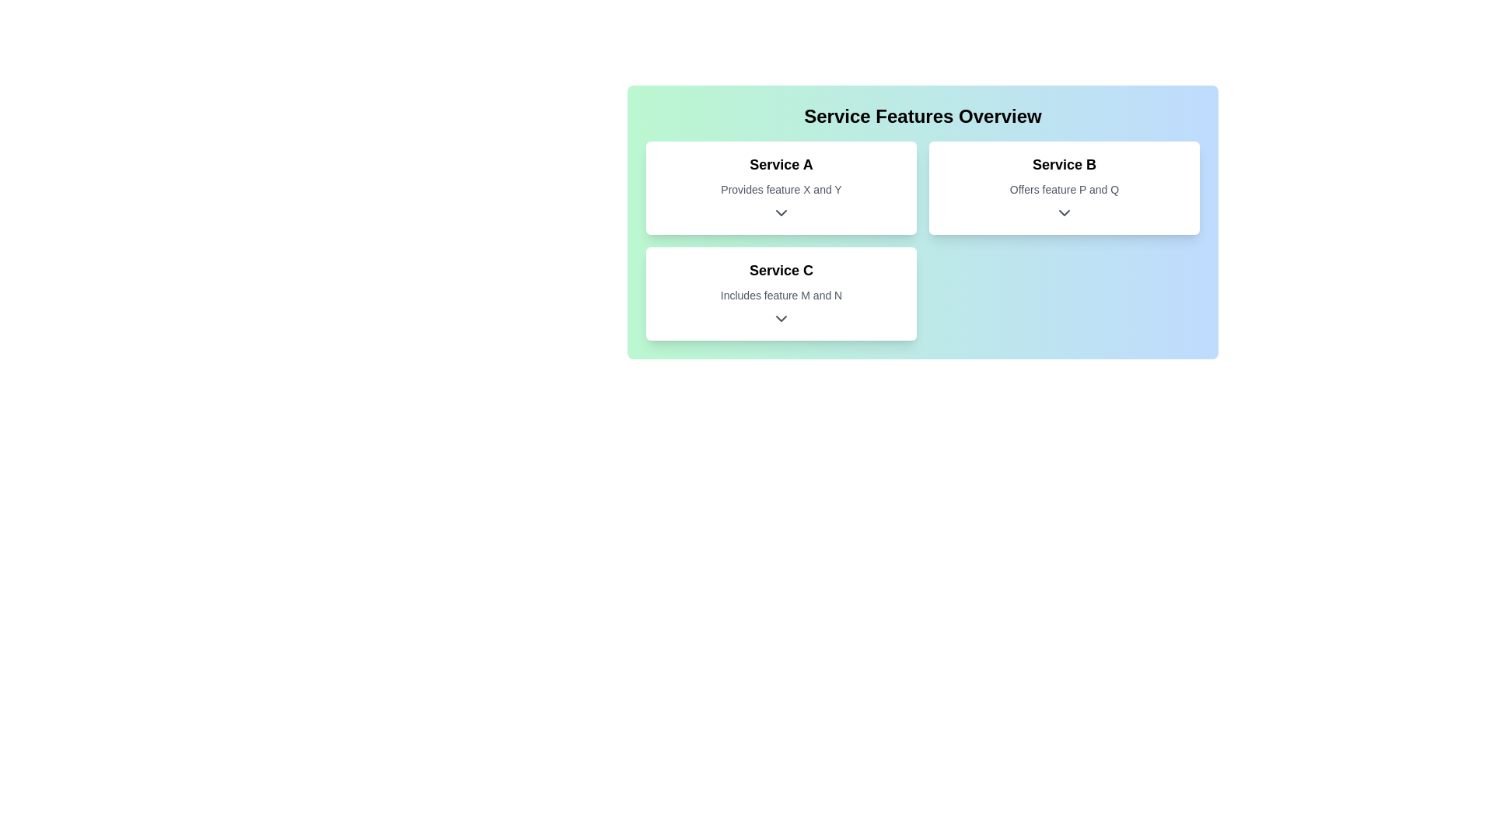  I want to click on the text label that says 'Provides feature X and Y', which is styled in lighter gray and located below the title 'Service A' within the card labeled 'Service A', so click(781, 188).